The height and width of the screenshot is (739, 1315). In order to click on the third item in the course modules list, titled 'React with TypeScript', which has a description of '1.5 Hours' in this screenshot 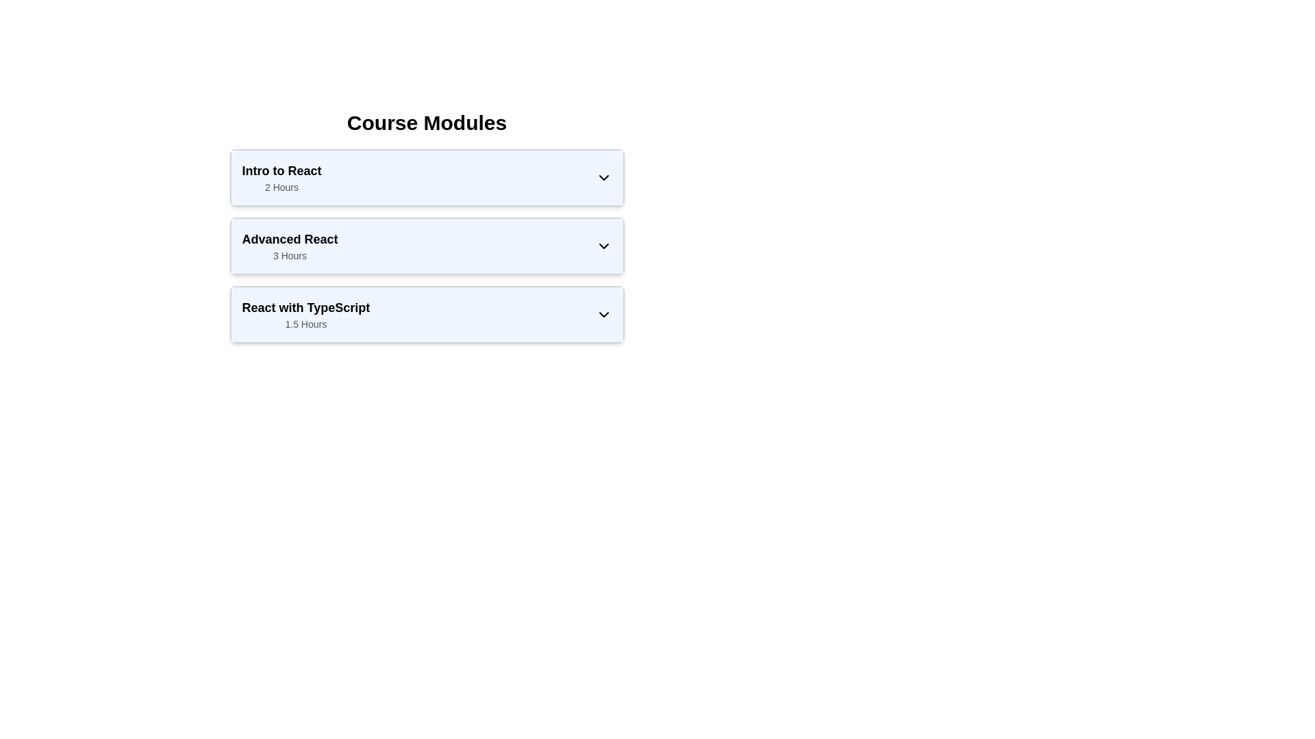, I will do `click(426, 314)`.